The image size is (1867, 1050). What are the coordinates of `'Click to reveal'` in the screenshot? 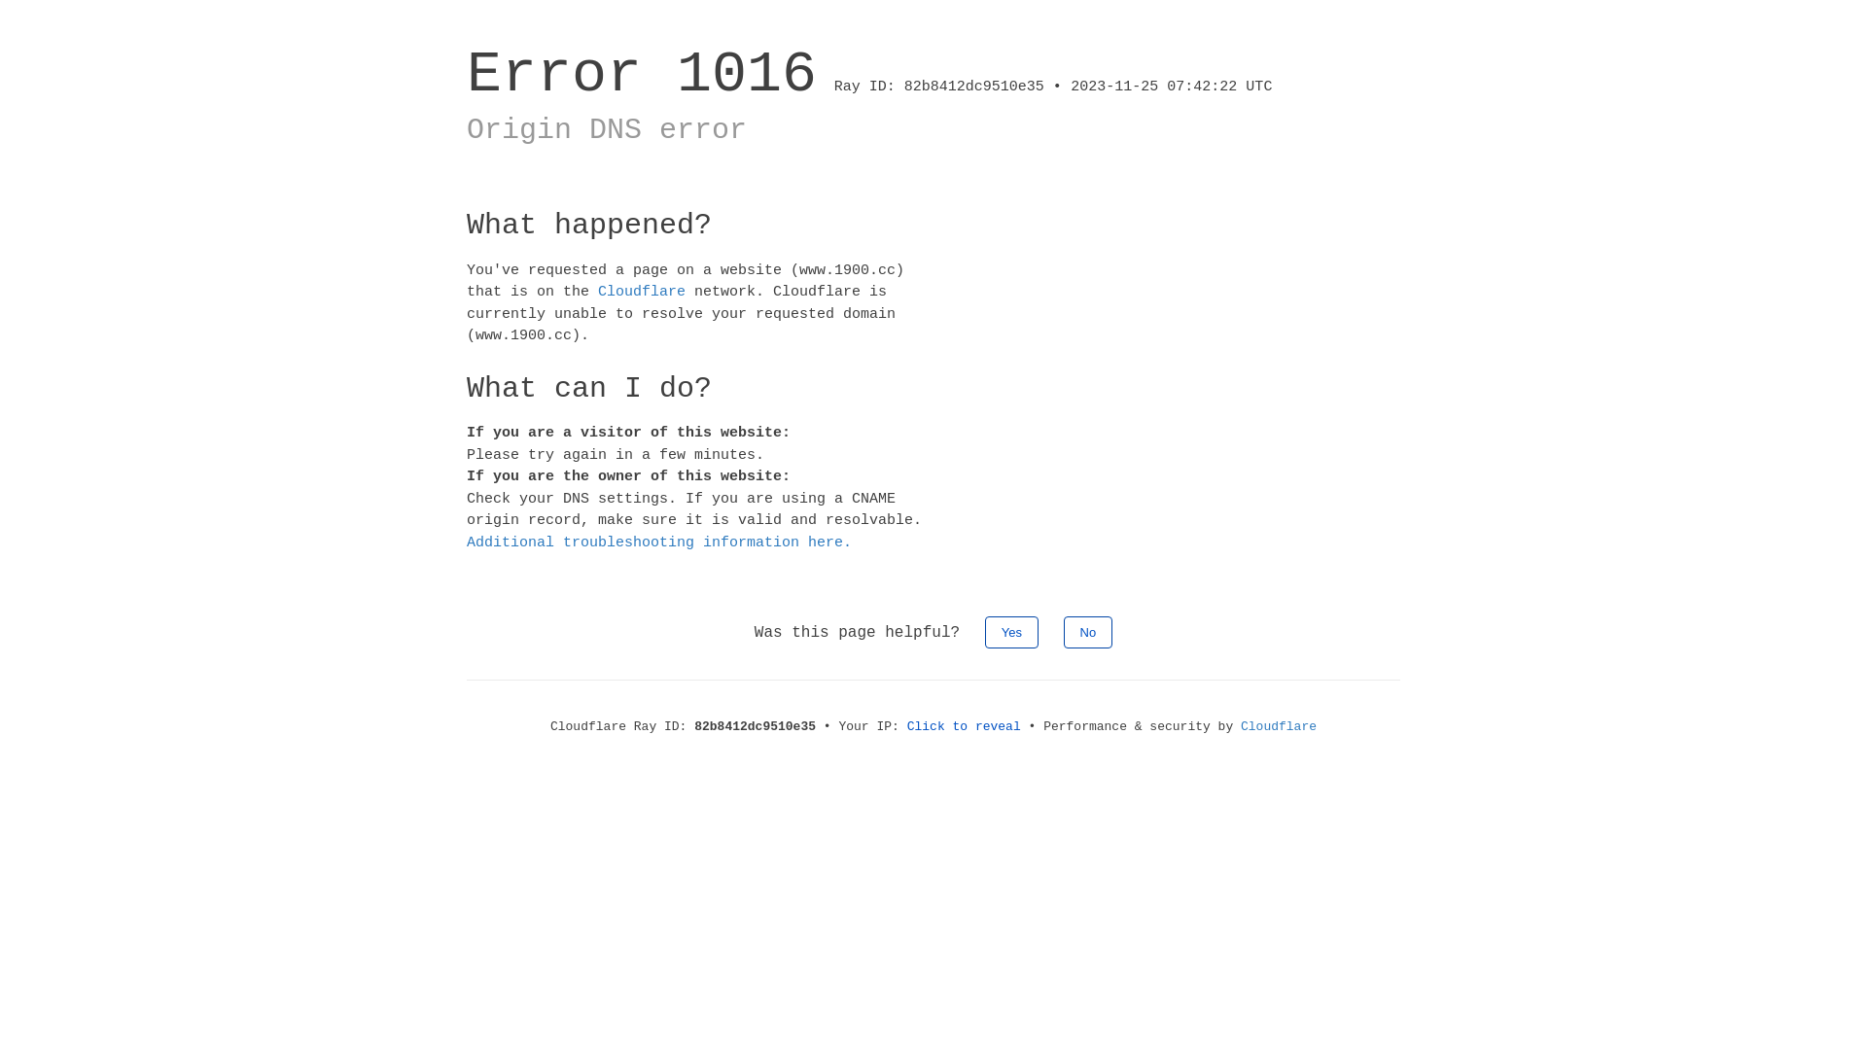 It's located at (964, 726).